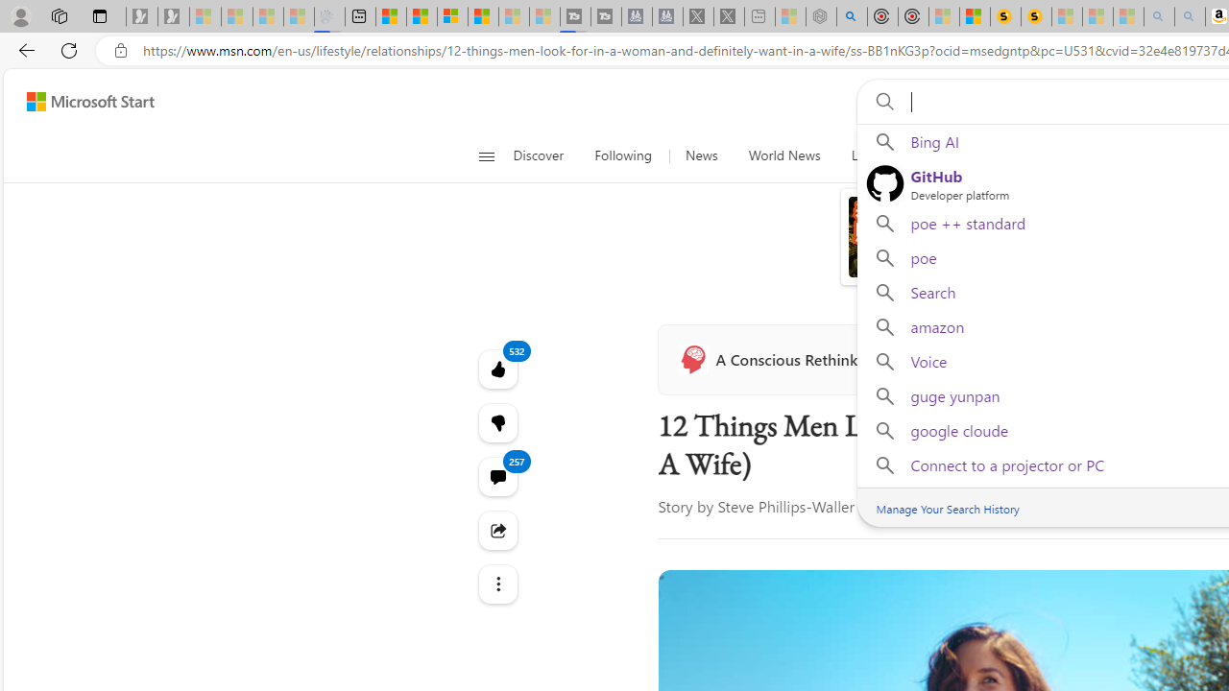  What do you see at coordinates (907, 360) in the screenshot?
I see `'Follow'` at bounding box center [907, 360].